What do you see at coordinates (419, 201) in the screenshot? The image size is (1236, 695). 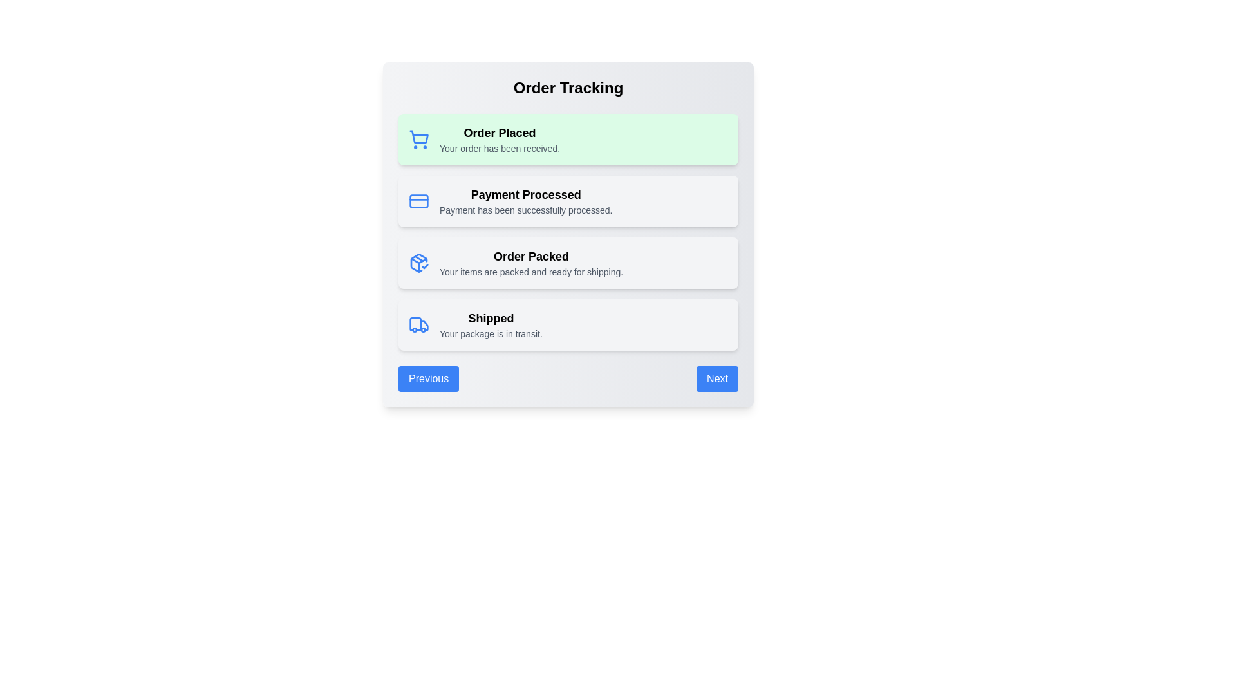 I see `the payment processed icon located to the left of the 'Payment Processed' text in the order tracking interface` at bounding box center [419, 201].